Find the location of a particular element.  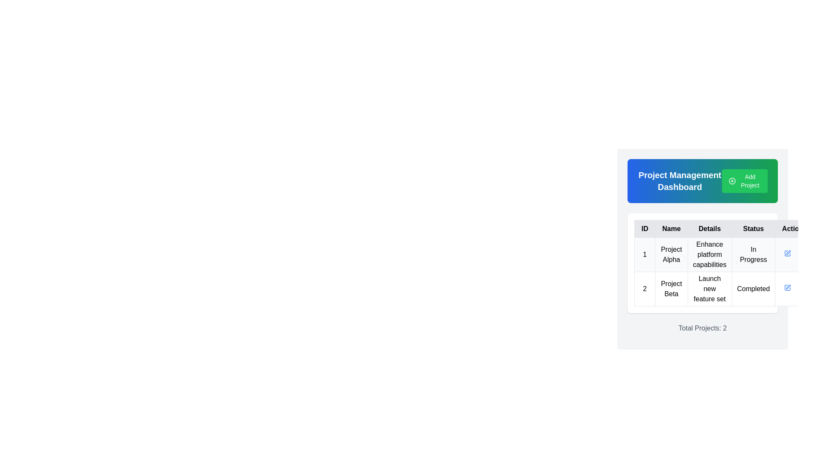

the green button labeled 'Add Project' with a plus icon, located at the top-right corner of the 'Project Management Dashboard' is located at coordinates (744, 181).